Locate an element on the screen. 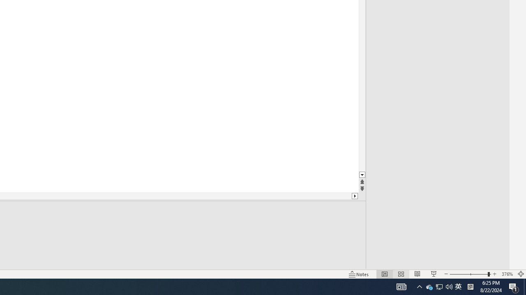  'Zoom 376%' is located at coordinates (507, 274).